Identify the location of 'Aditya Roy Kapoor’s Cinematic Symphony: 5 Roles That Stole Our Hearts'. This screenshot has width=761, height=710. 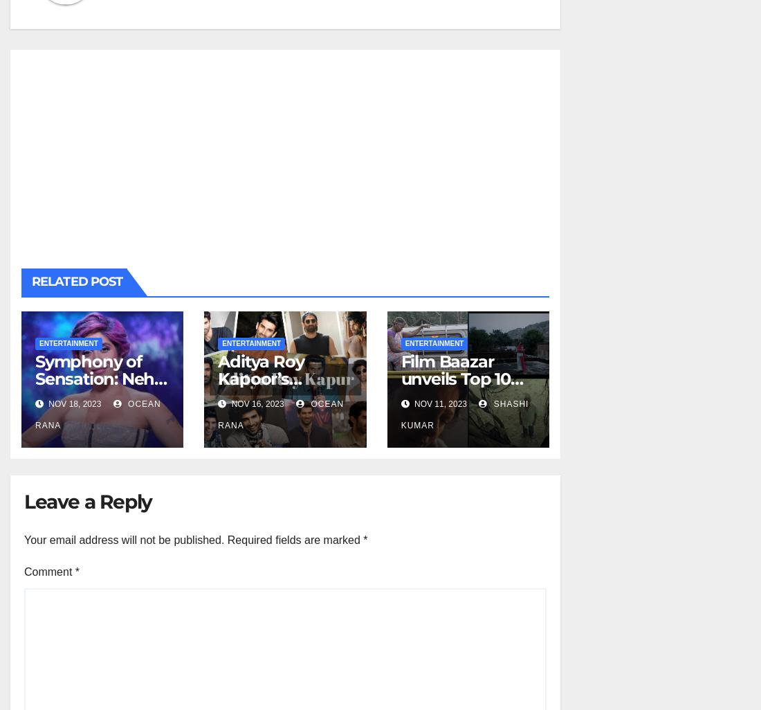
(282, 403).